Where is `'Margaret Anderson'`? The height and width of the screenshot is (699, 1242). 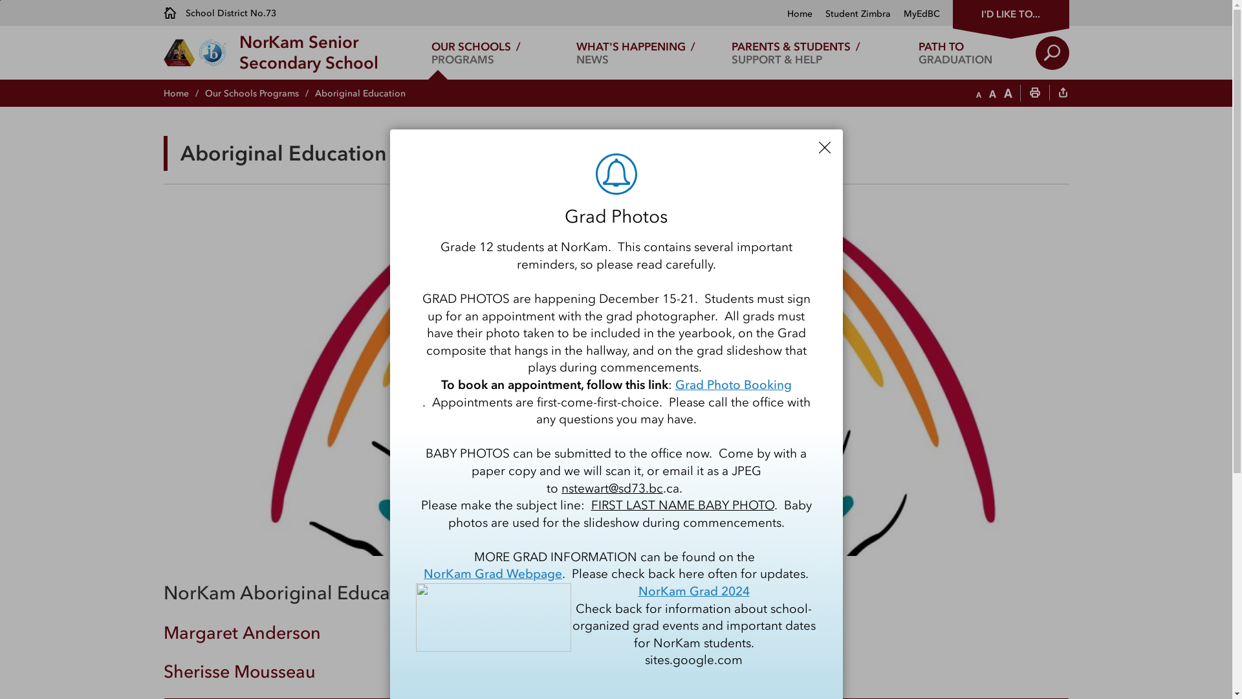 'Margaret Anderson' is located at coordinates (241, 632).